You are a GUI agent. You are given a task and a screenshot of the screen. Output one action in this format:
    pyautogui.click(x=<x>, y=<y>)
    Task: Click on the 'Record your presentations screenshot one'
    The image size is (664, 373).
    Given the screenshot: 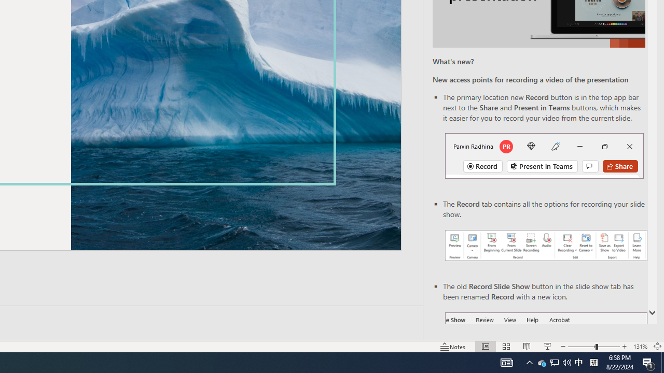 What is the action you would take?
    pyautogui.click(x=545, y=246)
    